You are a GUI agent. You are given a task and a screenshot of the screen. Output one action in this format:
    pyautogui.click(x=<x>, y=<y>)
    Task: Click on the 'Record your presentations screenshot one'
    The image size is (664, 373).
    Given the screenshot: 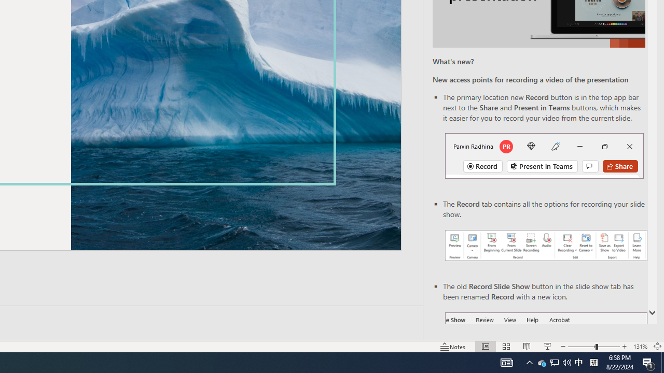 What is the action you would take?
    pyautogui.click(x=545, y=246)
    